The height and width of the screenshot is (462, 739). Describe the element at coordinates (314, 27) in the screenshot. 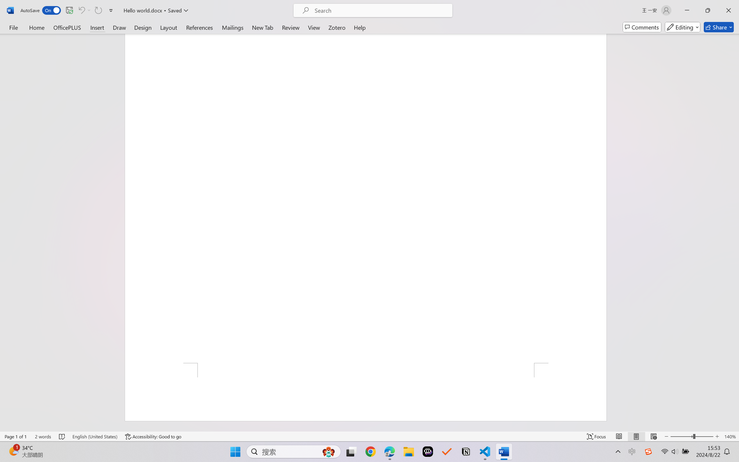

I see `'View'` at that location.